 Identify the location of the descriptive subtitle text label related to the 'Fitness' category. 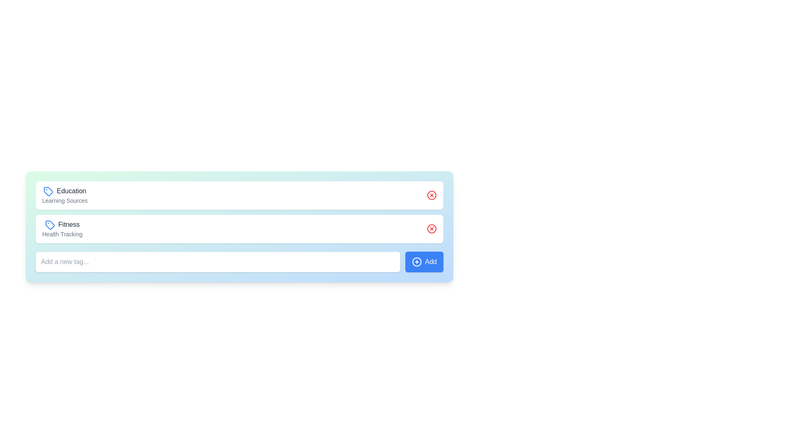
(62, 234).